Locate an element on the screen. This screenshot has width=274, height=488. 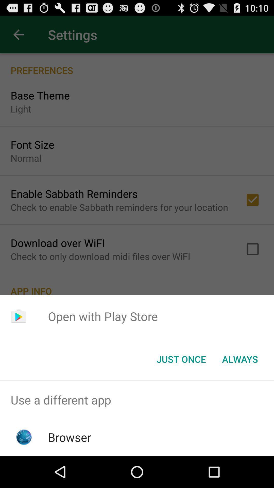
the always button is located at coordinates (240, 359).